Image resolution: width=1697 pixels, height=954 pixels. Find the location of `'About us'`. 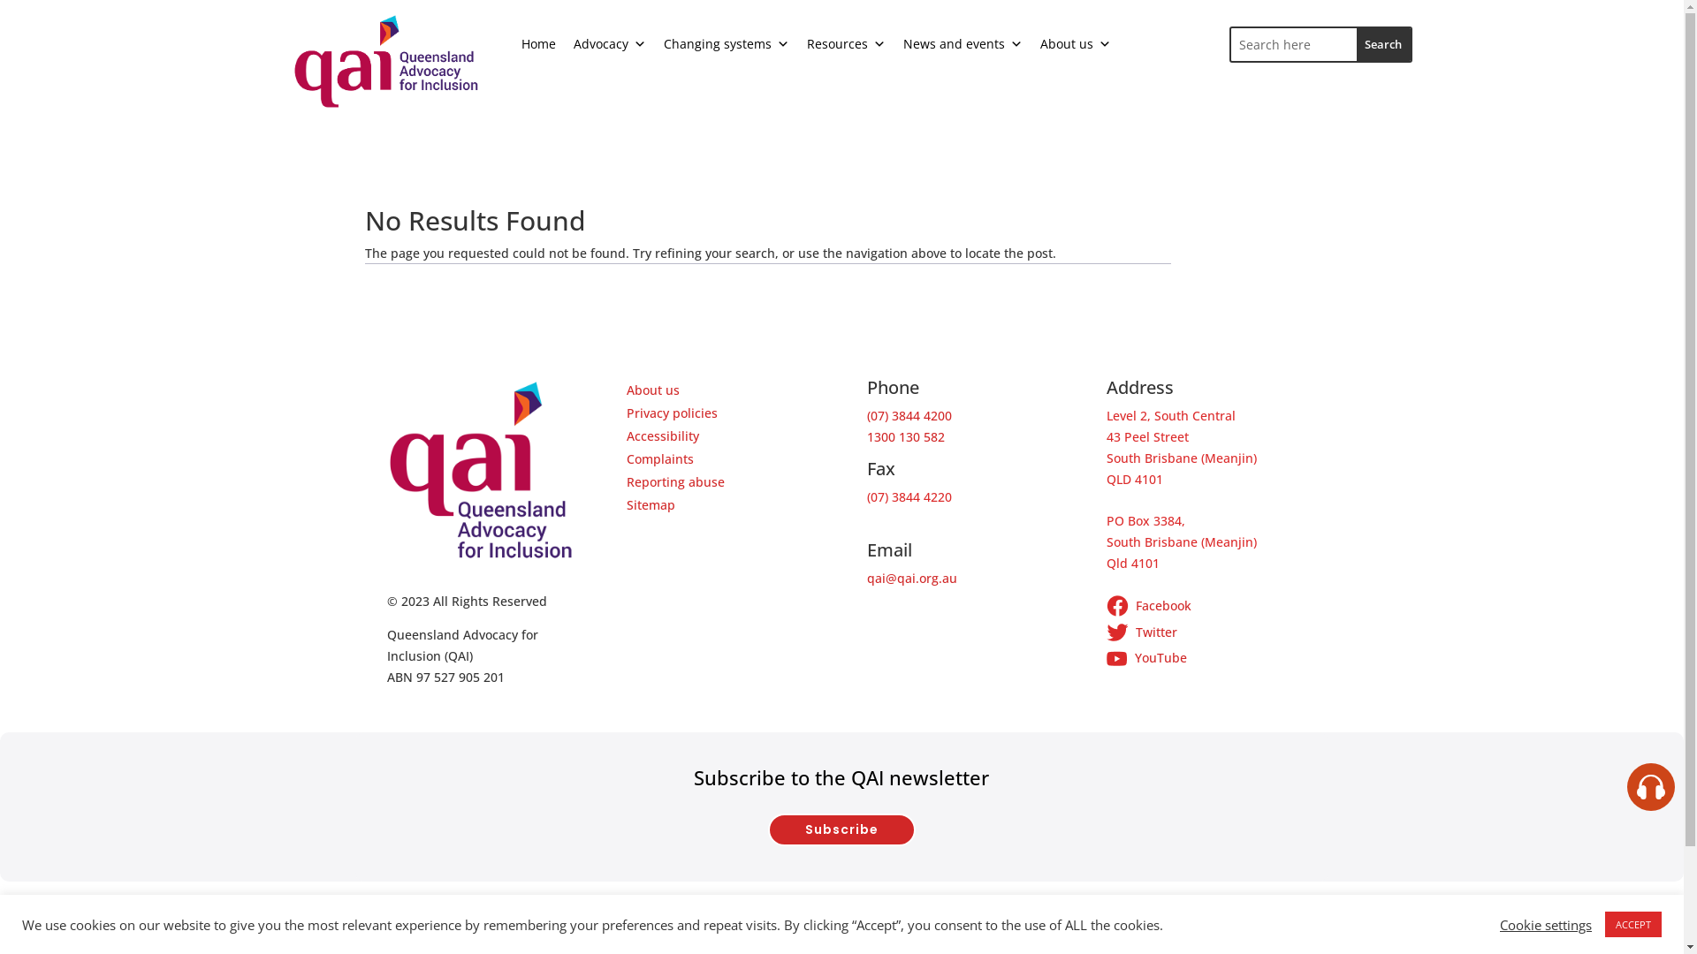

'About us' is located at coordinates (652, 389).